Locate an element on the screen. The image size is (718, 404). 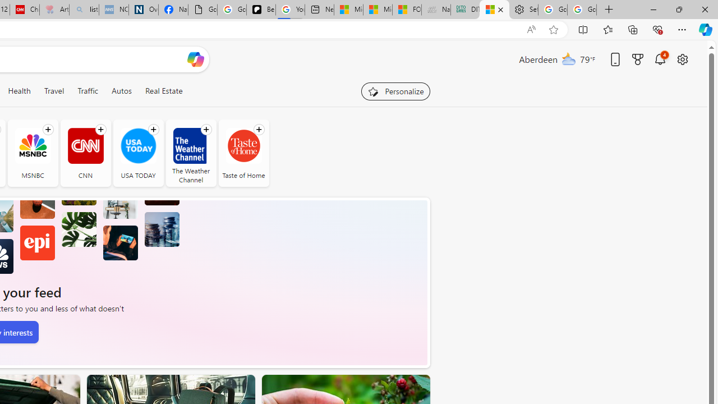
'Follow channel' is located at coordinates (258, 129).